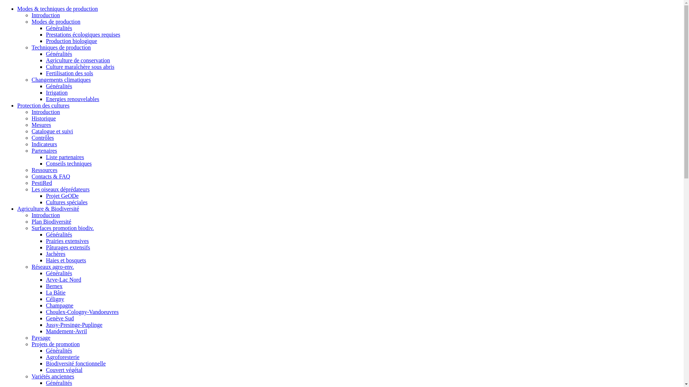  Describe the element at coordinates (46, 73) in the screenshot. I see `'Fertilisation des sols'` at that location.